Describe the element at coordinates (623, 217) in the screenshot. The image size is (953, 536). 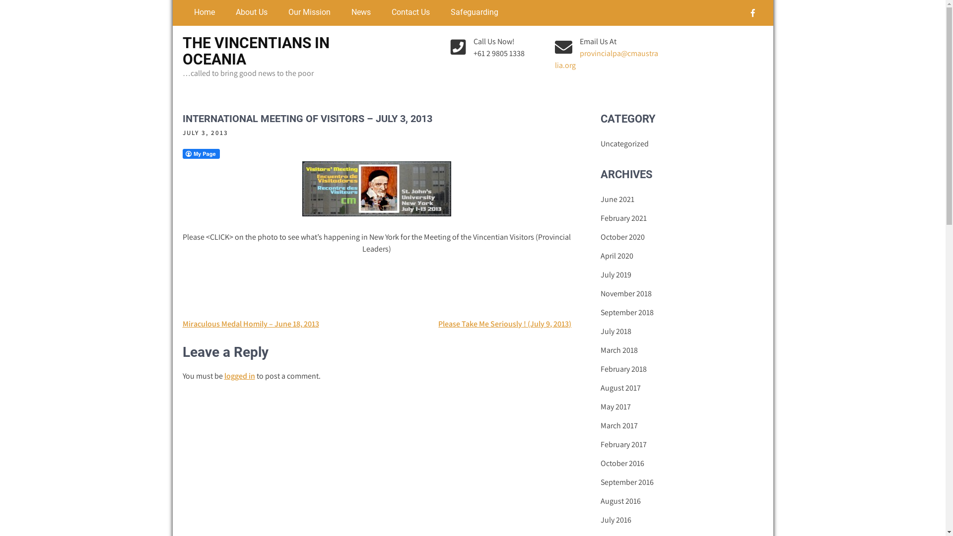
I see `'February 2021'` at that location.